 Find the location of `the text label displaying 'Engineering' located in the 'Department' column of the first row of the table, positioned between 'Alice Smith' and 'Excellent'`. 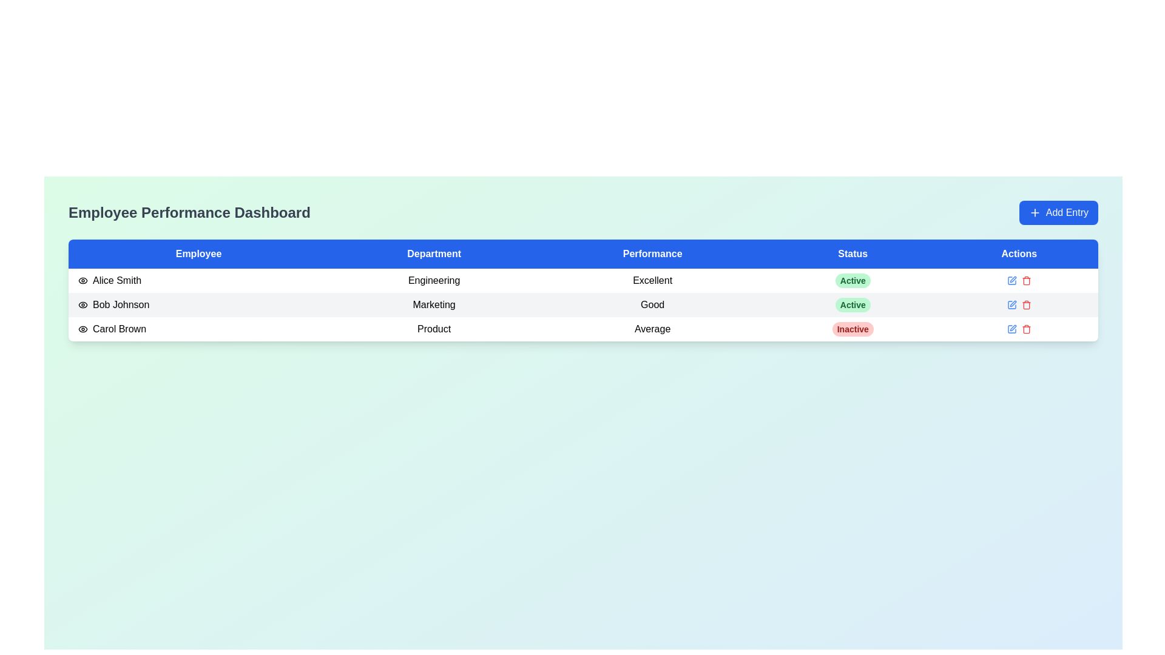

the text label displaying 'Engineering' located in the 'Department' column of the first row of the table, positioned between 'Alice Smith' and 'Excellent' is located at coordinates (434, 280).